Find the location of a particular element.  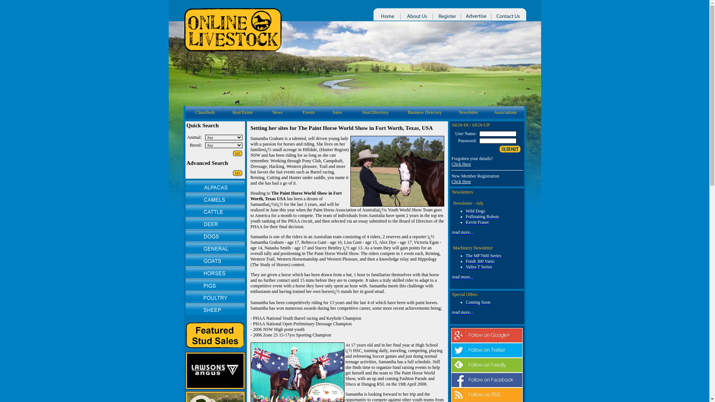

'read more...' is located at coordinates (462, 232).